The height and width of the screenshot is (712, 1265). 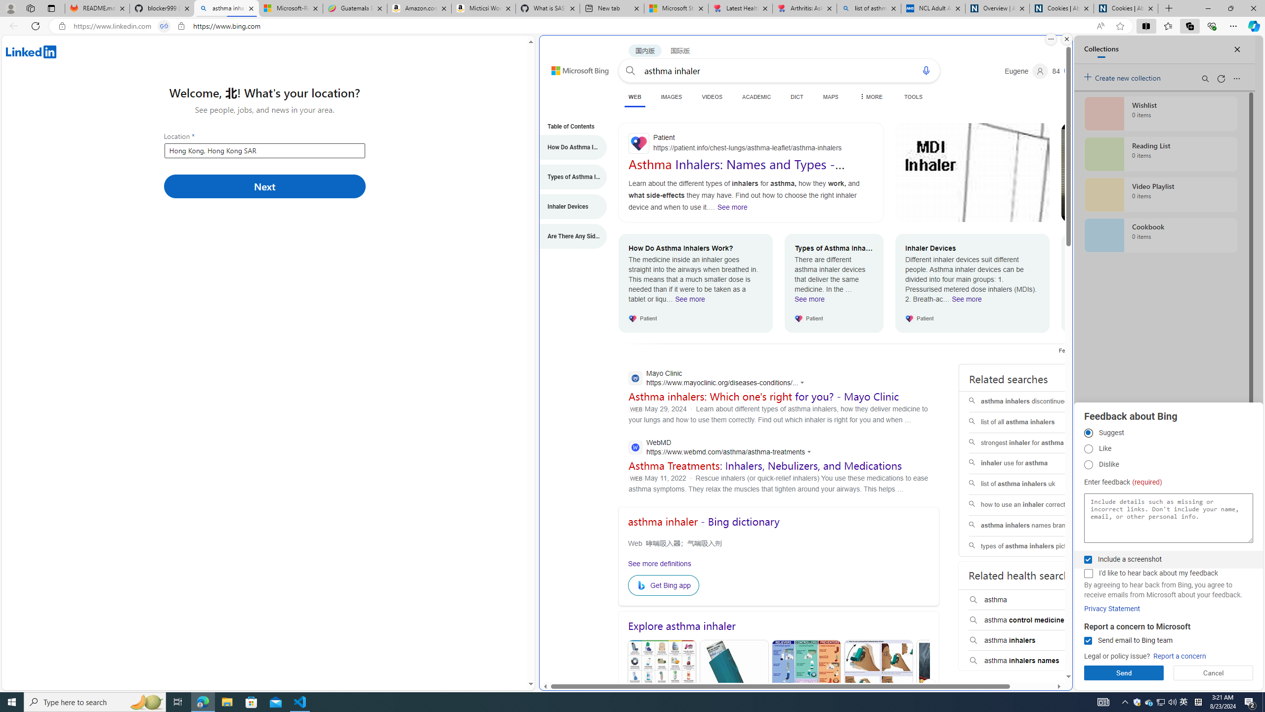 What do you see at coordinates (661, 687) in the screenshot?
I see `'Asthma Inhaler Colors'` at bounding box center [661, 687].